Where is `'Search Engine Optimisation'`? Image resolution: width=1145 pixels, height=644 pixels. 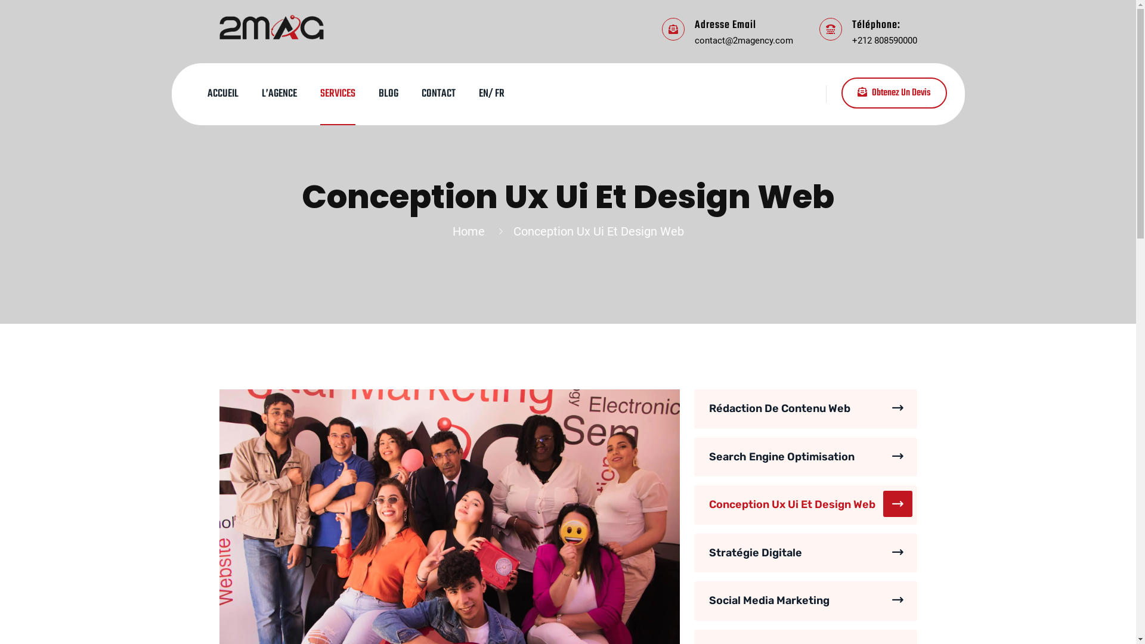 'Search Engine Optimisation' is located at coordinates (805, 457).